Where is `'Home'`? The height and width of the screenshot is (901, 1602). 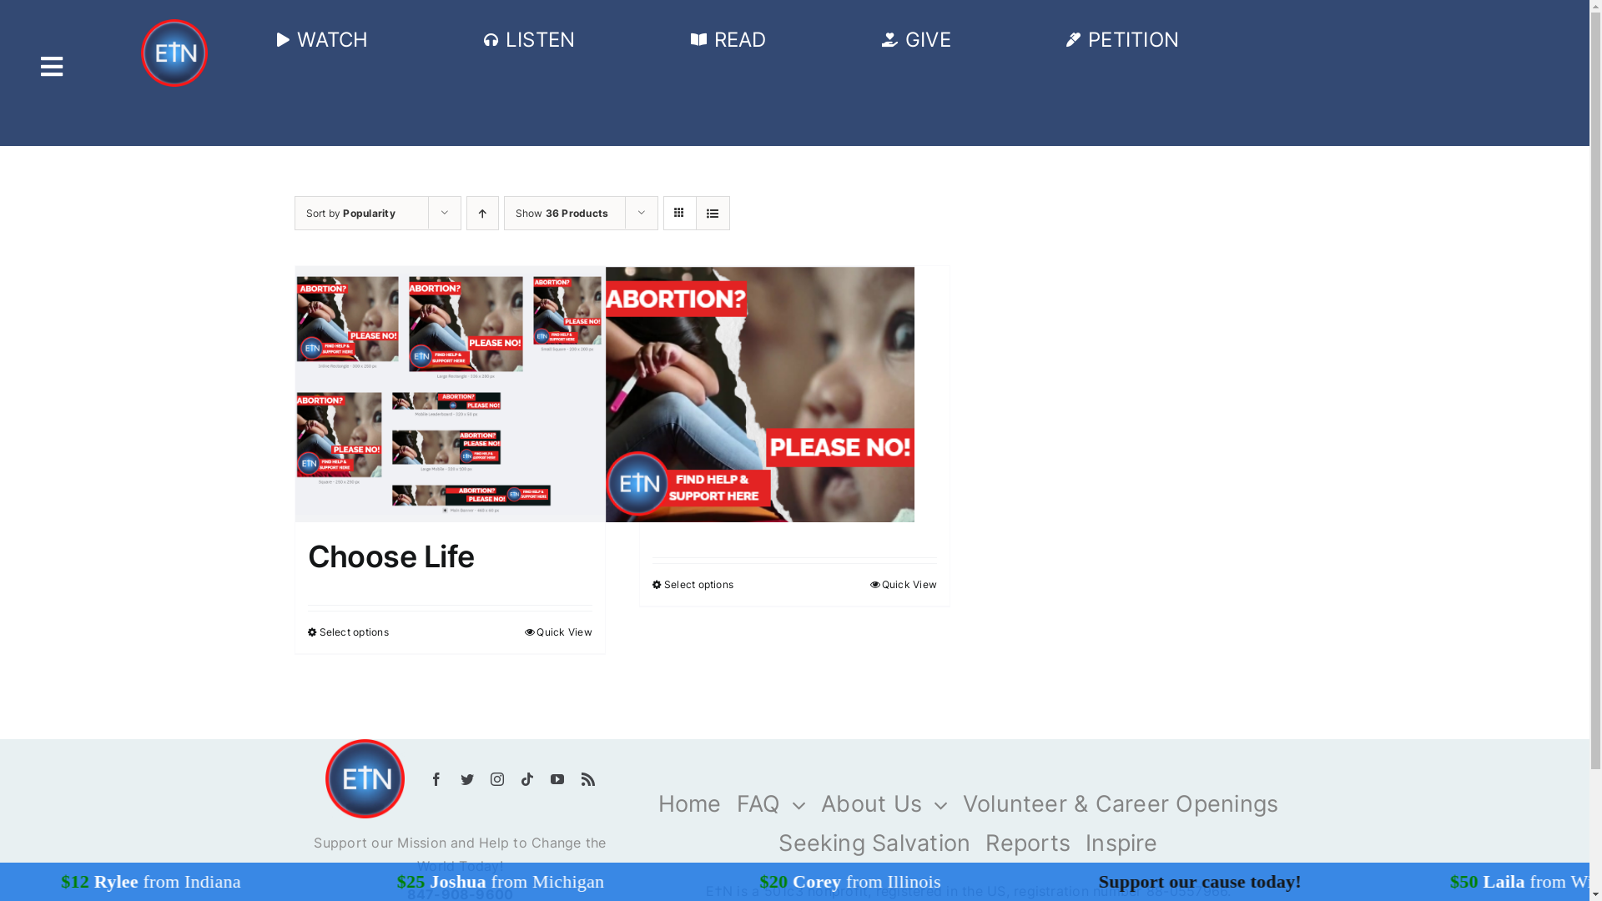 'Home' is located at coordinates (689, 803).